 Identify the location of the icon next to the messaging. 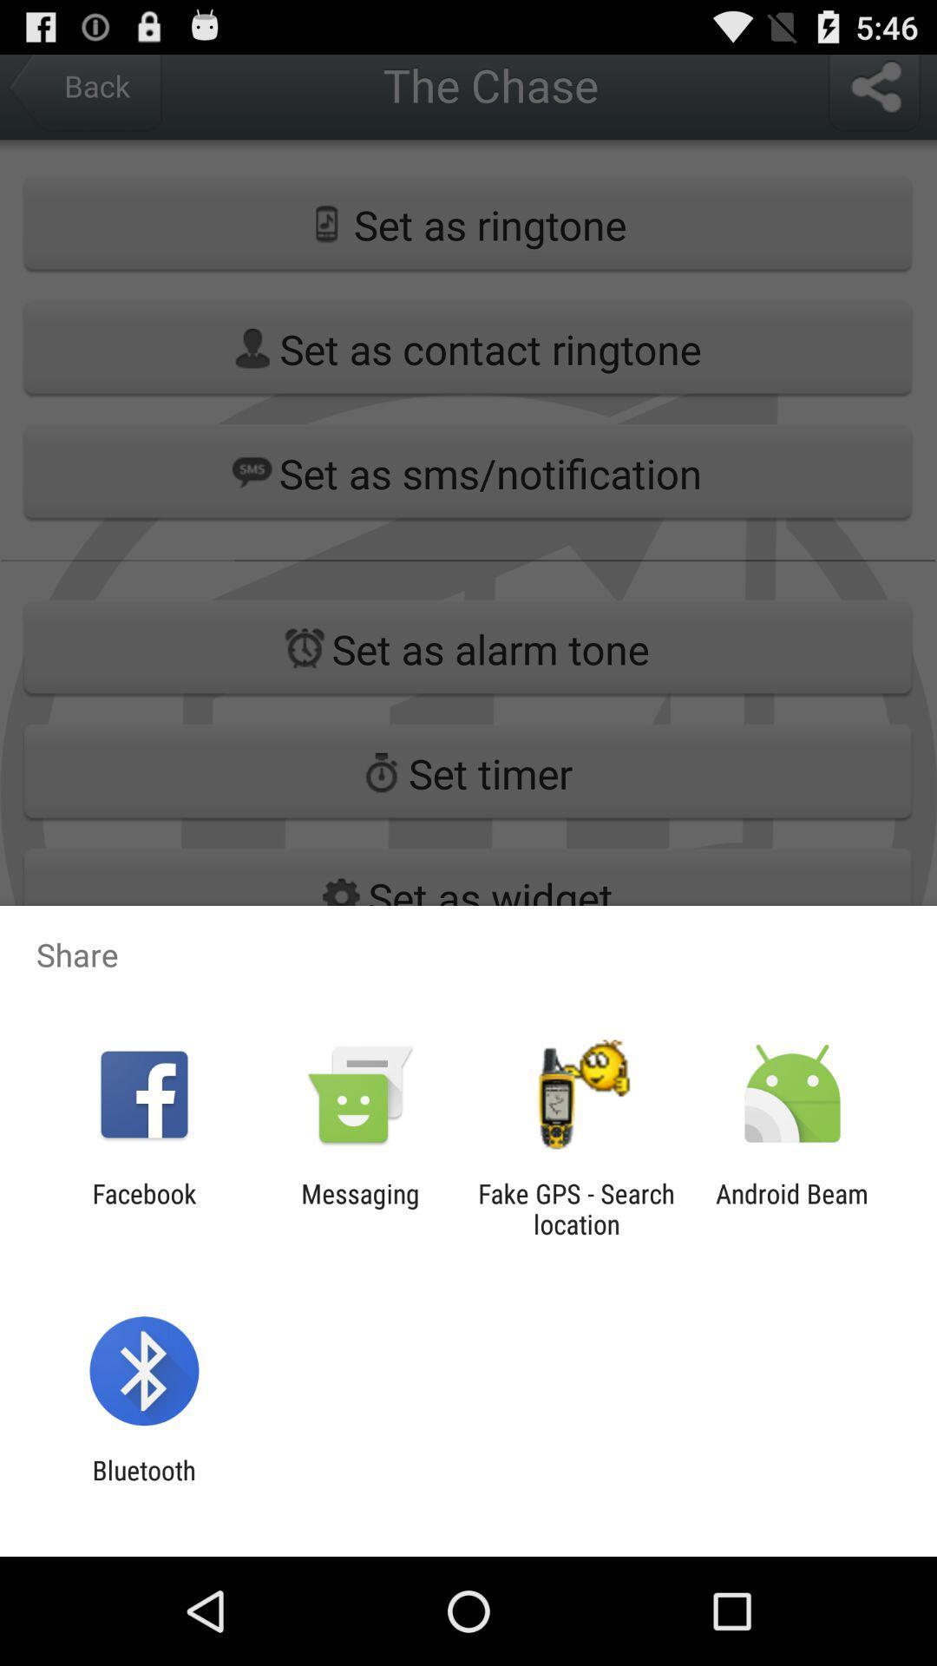
(143, 1208).